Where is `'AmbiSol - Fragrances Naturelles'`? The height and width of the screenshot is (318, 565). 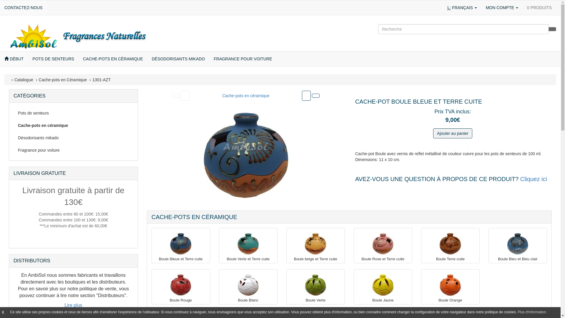 'AmbiSol - Fragrances Naturelles' is located at coordinates (77, 36).